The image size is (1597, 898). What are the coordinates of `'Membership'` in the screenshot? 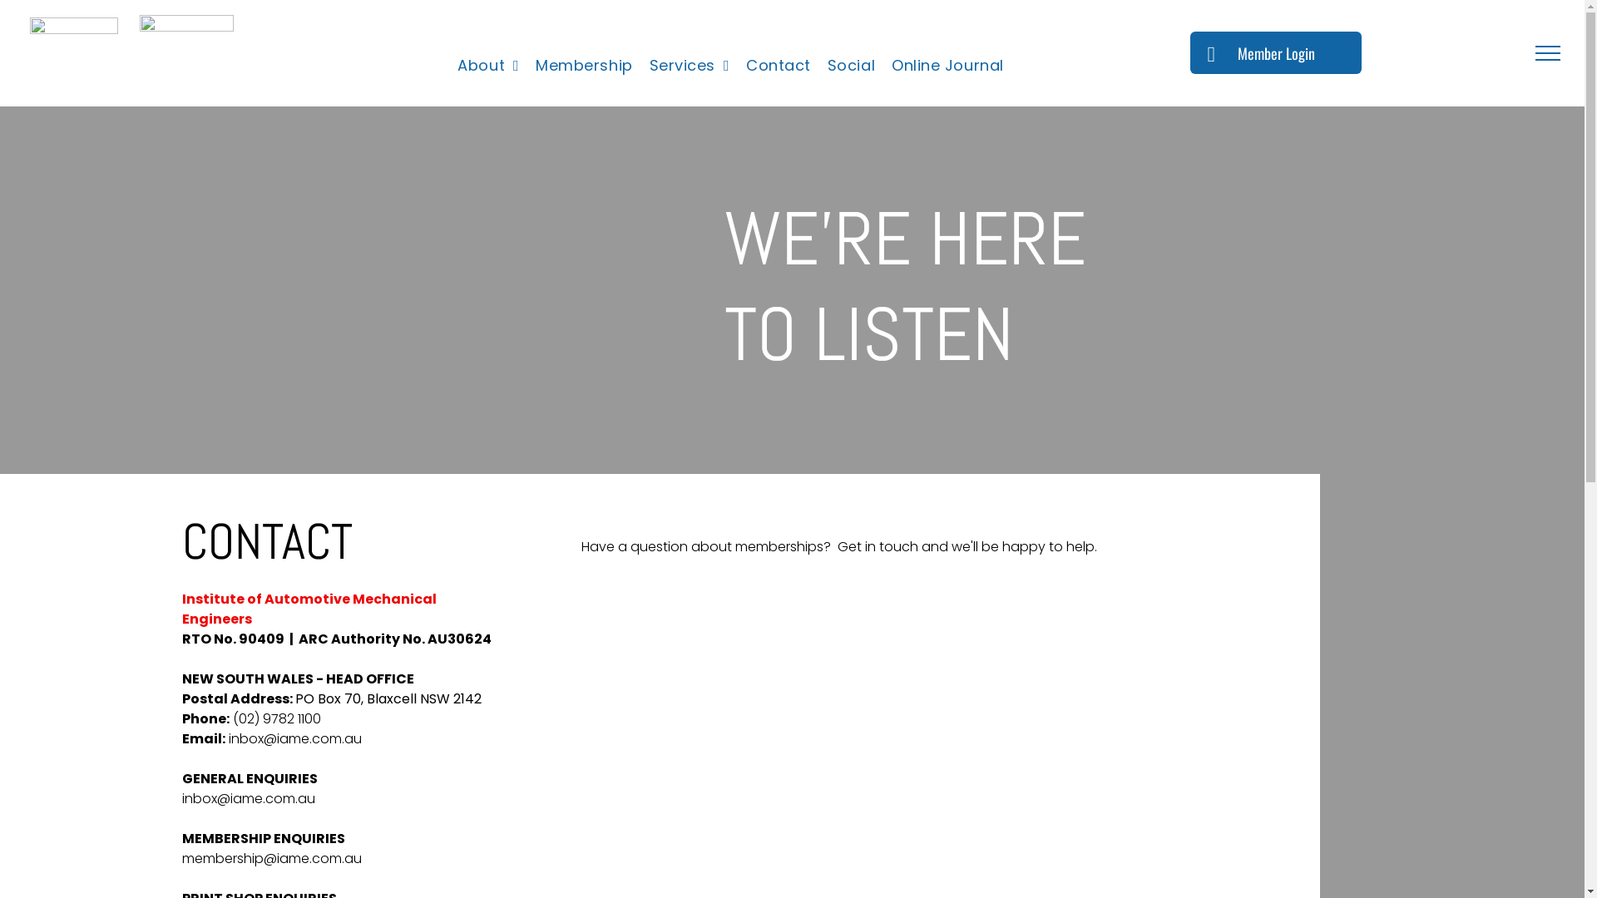 It's located at (583, 64).